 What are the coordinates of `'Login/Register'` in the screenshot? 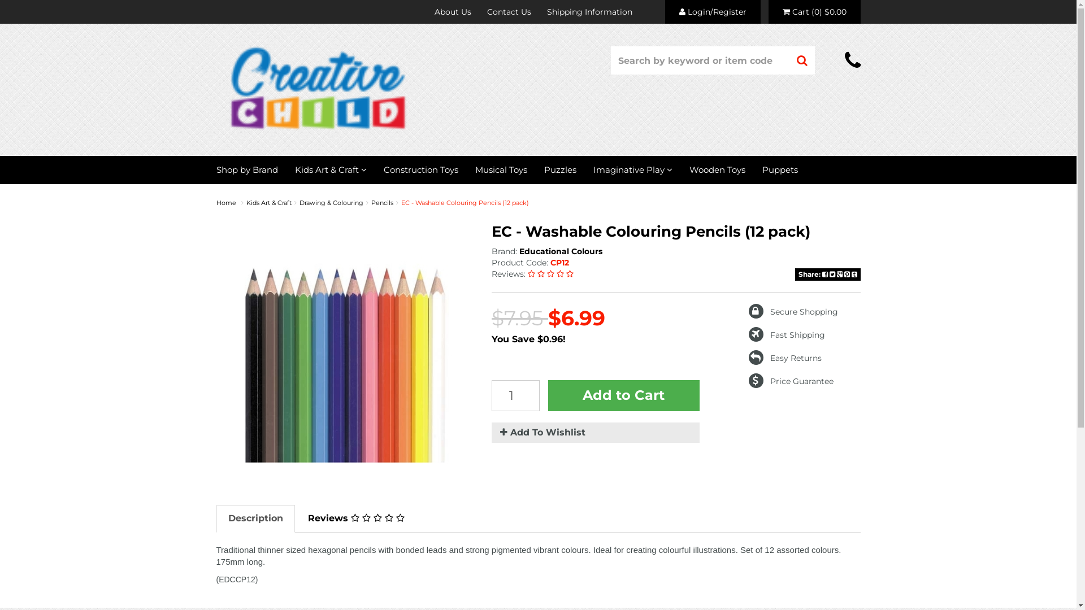 It's located at (665, 11).